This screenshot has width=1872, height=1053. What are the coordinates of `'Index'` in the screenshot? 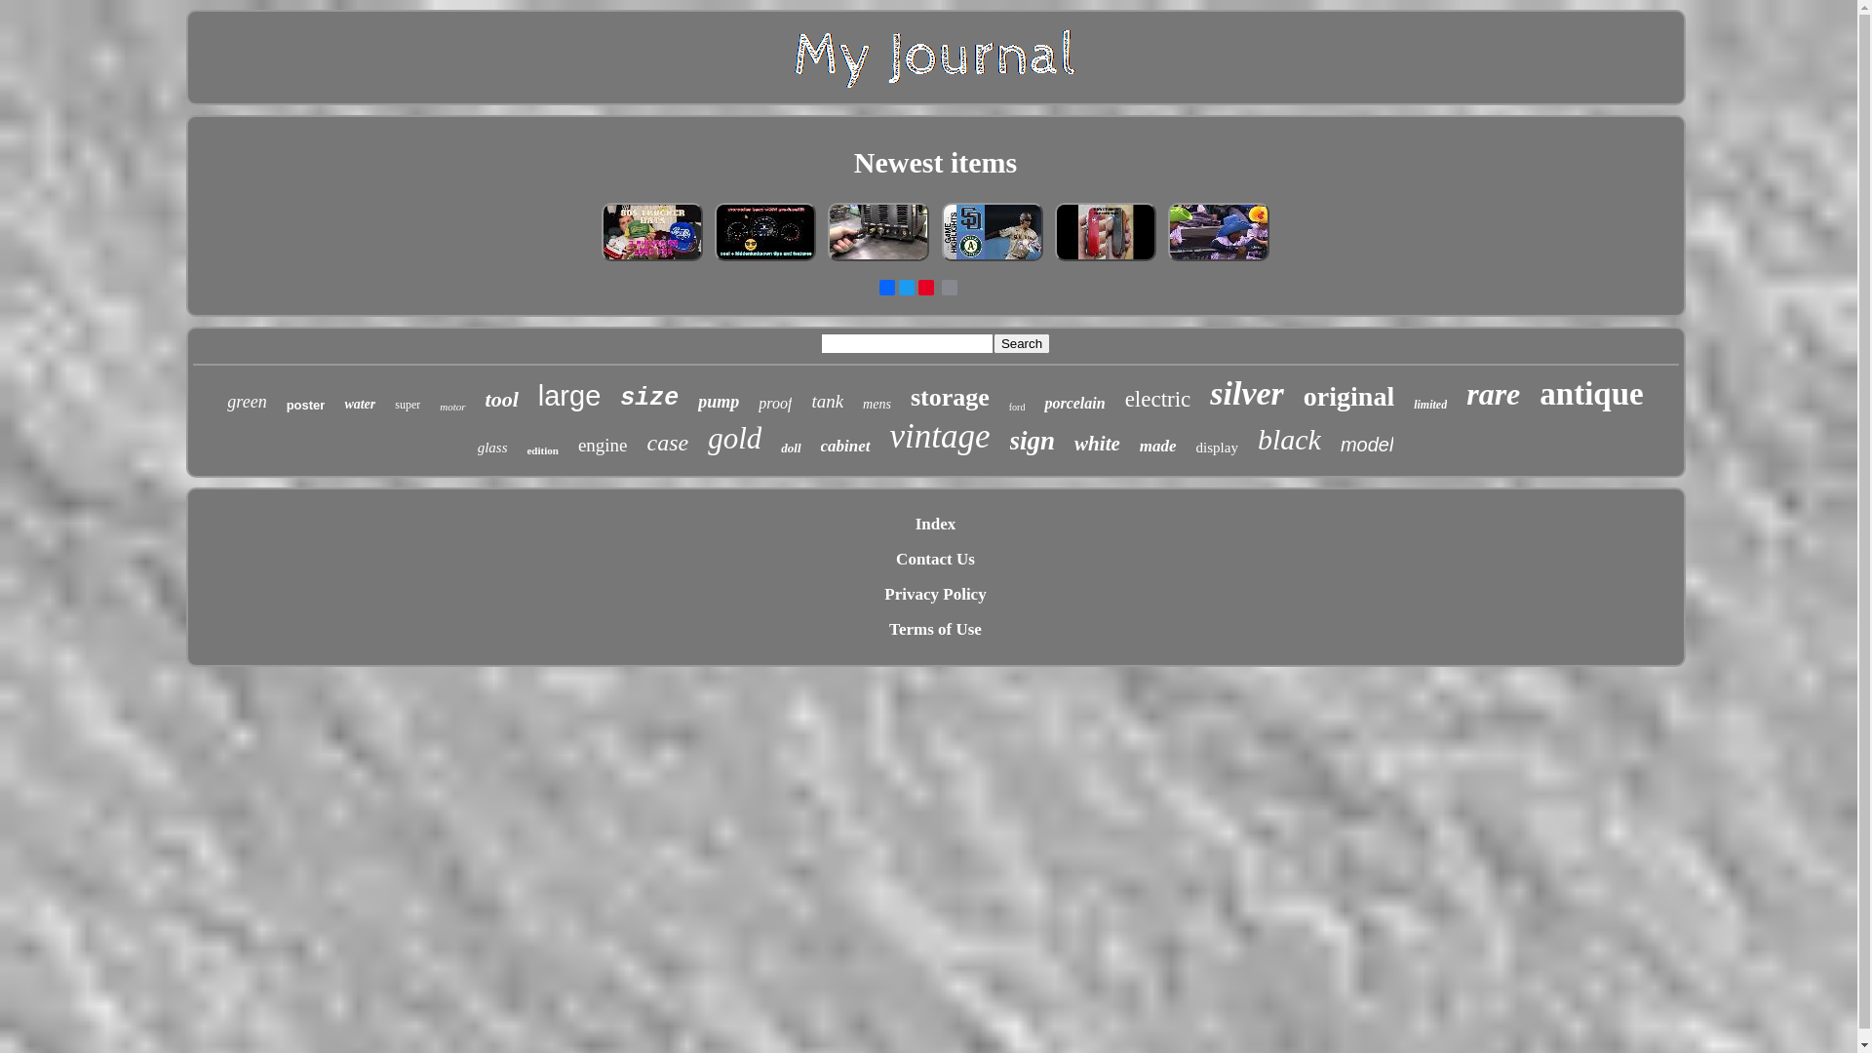 It's located at (936, 523).